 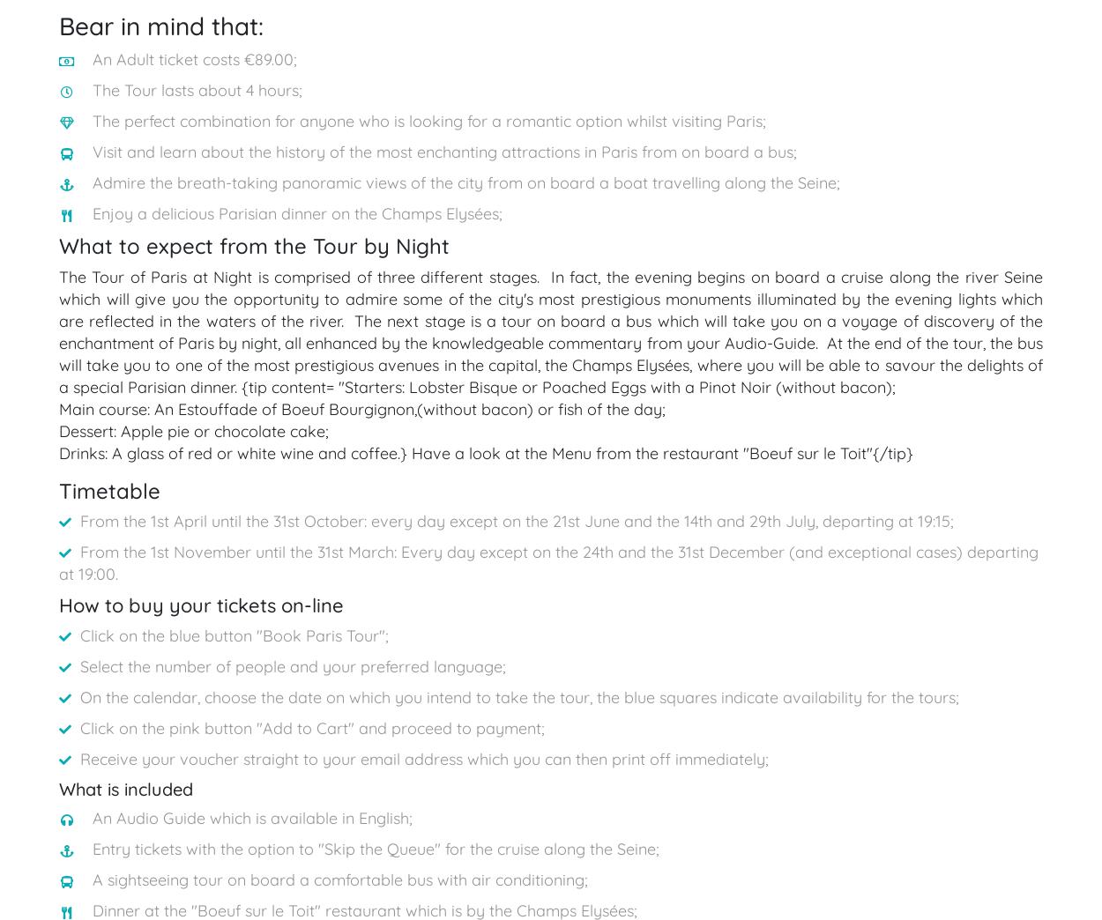 What do you see at coordinates (387, 479) in the screenshot?
I see `'Terms and conditions'` at bounding box center [387, 479].